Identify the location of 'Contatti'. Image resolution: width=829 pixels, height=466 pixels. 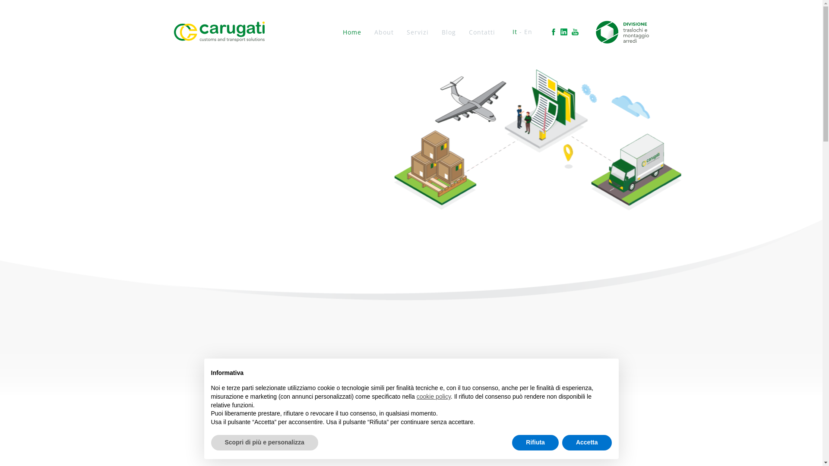
(481, 31).